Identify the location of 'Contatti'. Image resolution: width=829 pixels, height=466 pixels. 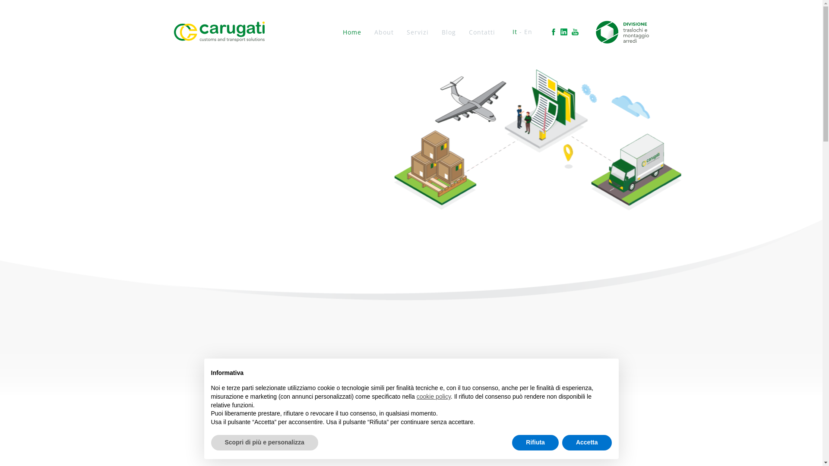
(481, 31).